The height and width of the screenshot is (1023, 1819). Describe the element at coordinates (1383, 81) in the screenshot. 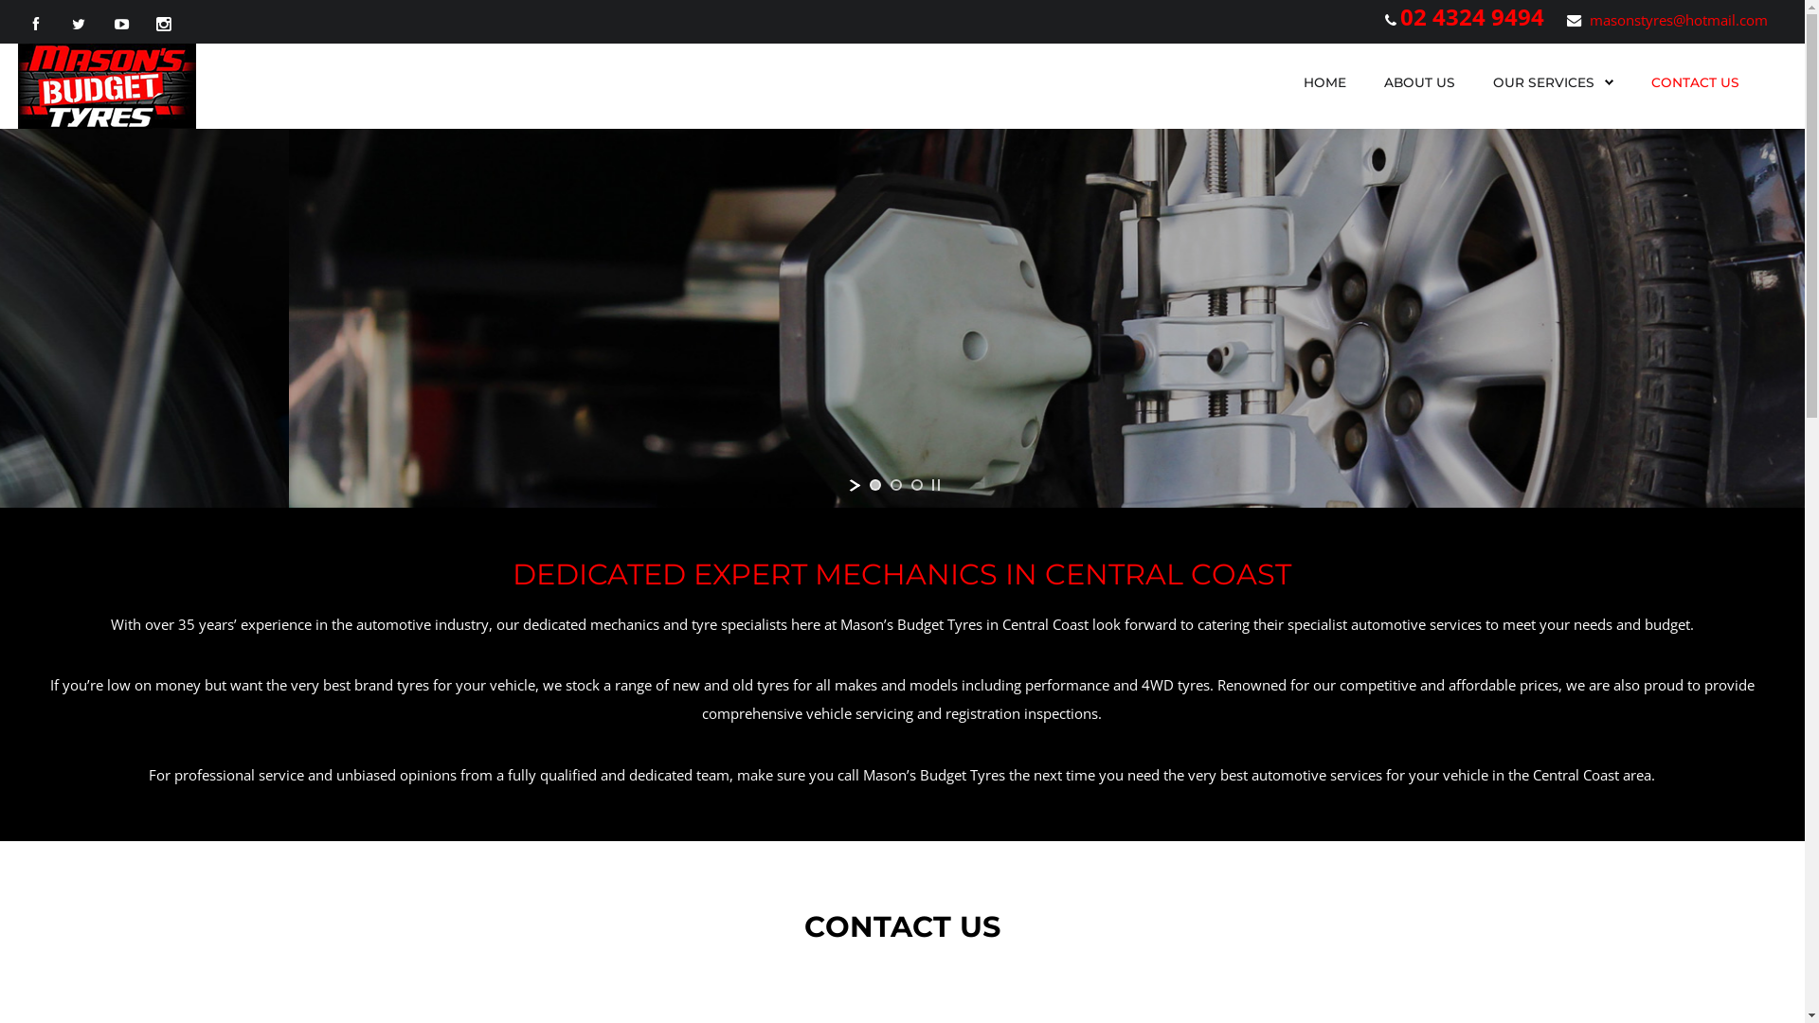

I see `'ABOUT US'` at that location.